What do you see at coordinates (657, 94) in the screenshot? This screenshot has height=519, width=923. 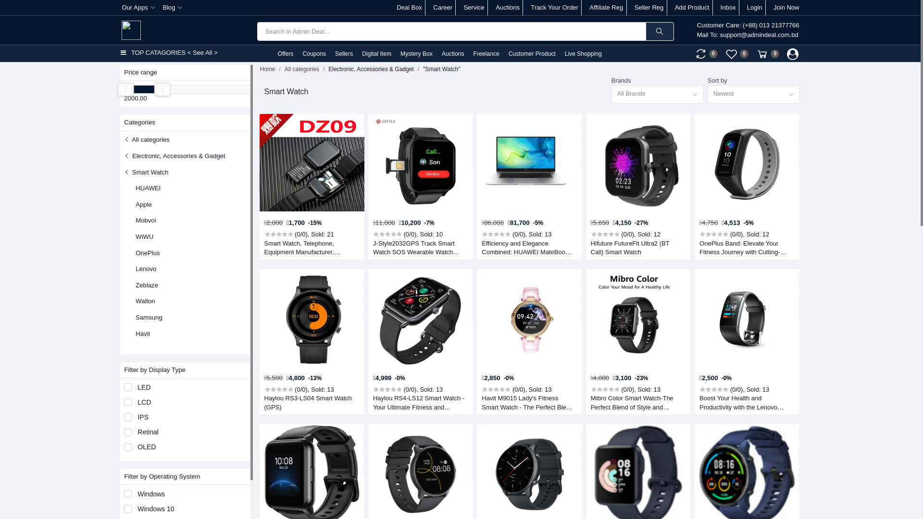 I see `'All Brands'` at bounding box center [657, 94].